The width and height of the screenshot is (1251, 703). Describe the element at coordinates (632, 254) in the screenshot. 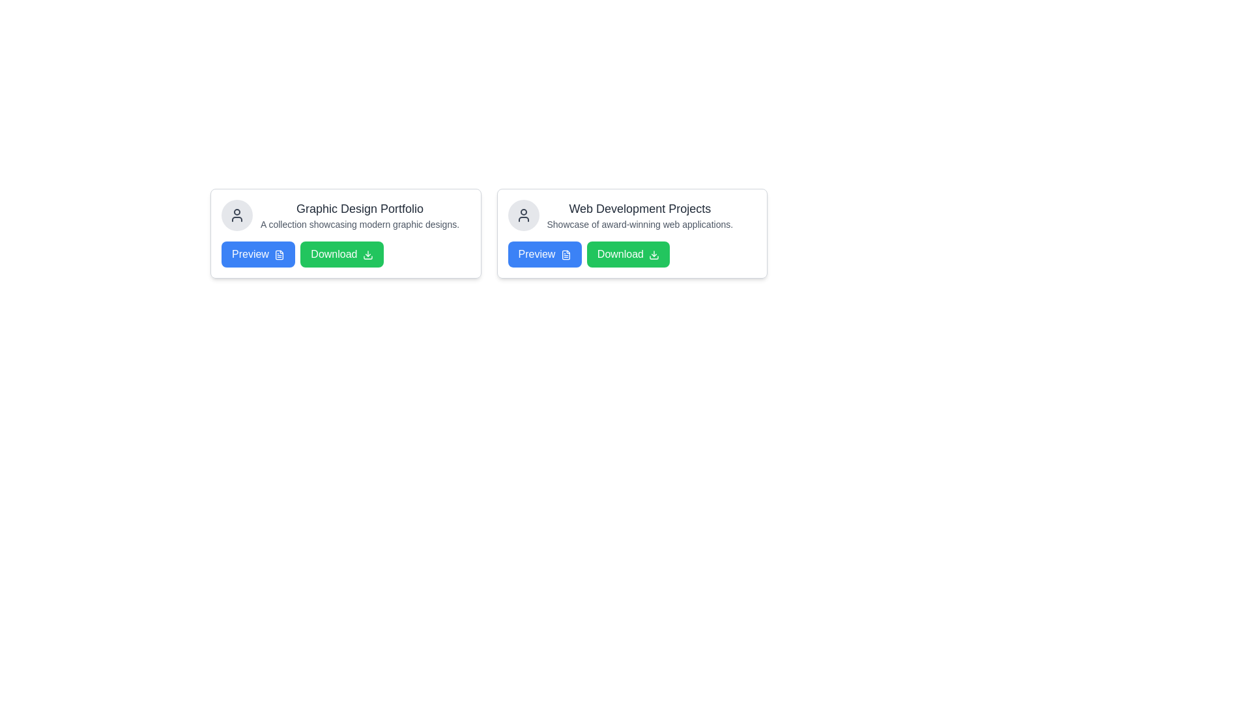

I see `the green 'Download' button with rounded corners, labeled 'Download' and featuring a downward arrow icon, to initiate the download` at that location.